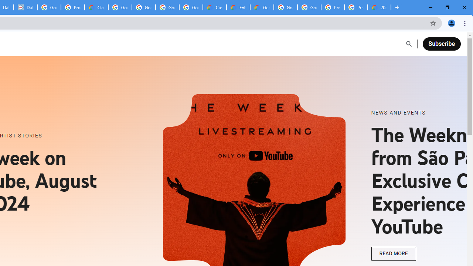 The image size is (473, 266). What do you see at coordinates (285, 7) in the screenshot?
I see `'Google Cloud Platform'` at bounding box center [285, 7].